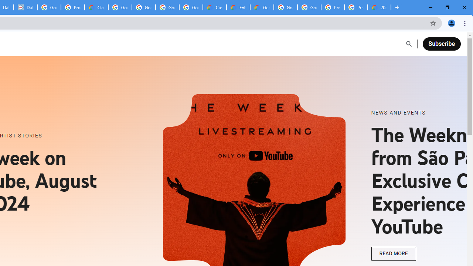 The image size is (473, 266). What do you see at coordinates (285, 7) in the screenshot?
I see `'Google Cloud Platform'` at bounding box center [285, 7].